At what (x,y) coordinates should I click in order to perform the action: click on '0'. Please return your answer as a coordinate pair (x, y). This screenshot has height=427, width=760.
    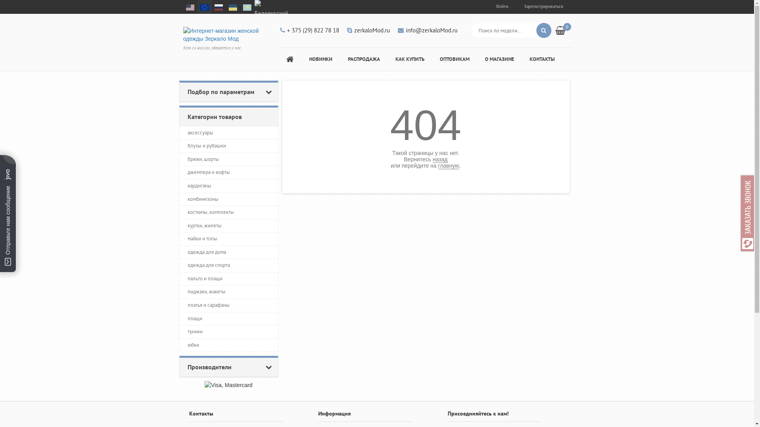
    Looking at the image, I should click on (554, 29).